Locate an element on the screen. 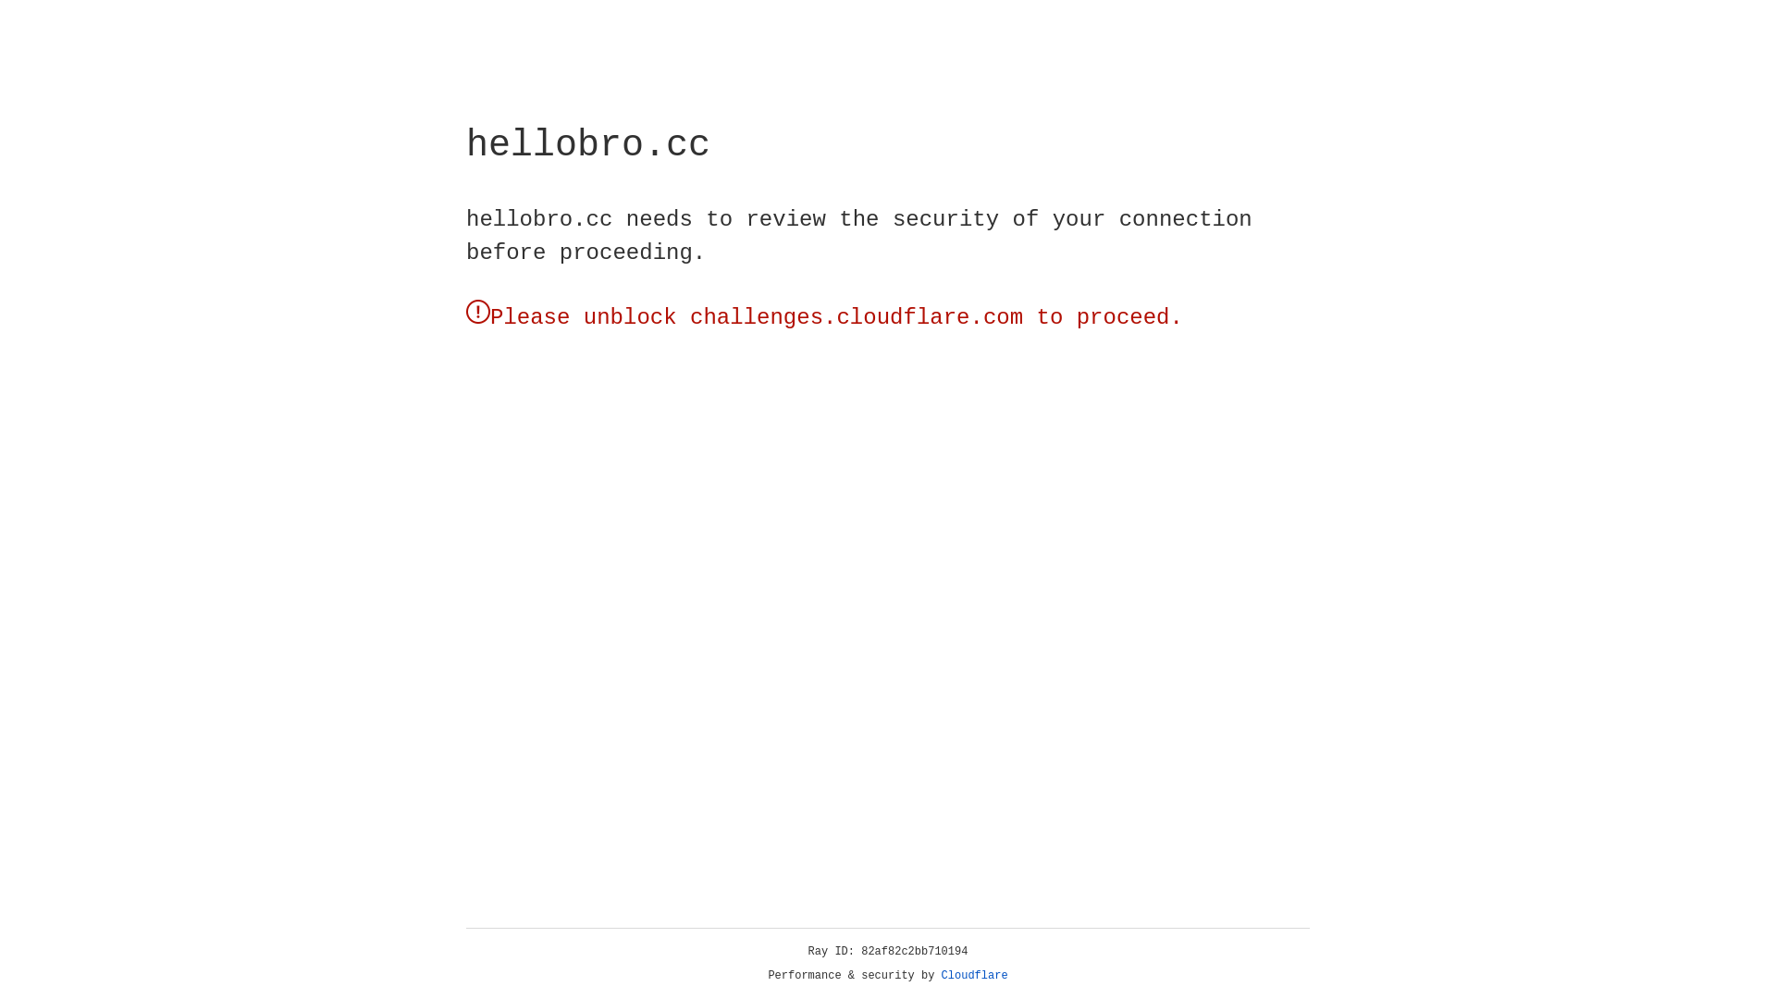  'Cloudflare' is located at coordinates (974, 975).